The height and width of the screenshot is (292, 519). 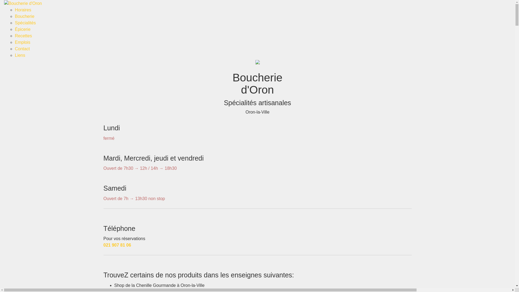 I want to click on 'Recettes', so click(x=23, y=36).